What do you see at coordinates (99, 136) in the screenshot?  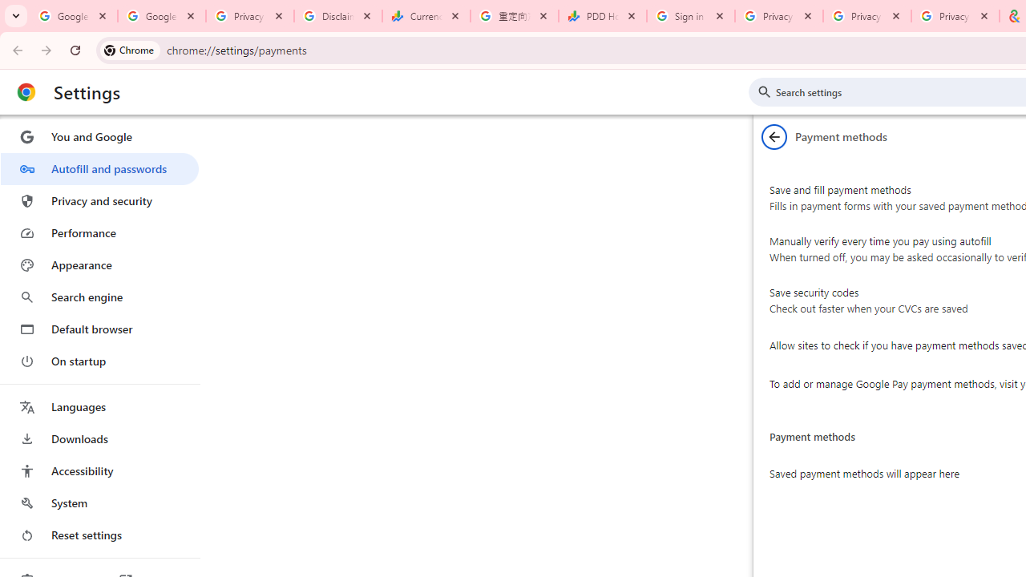 I see `'You and Google'` at bounding box center [99, 136].